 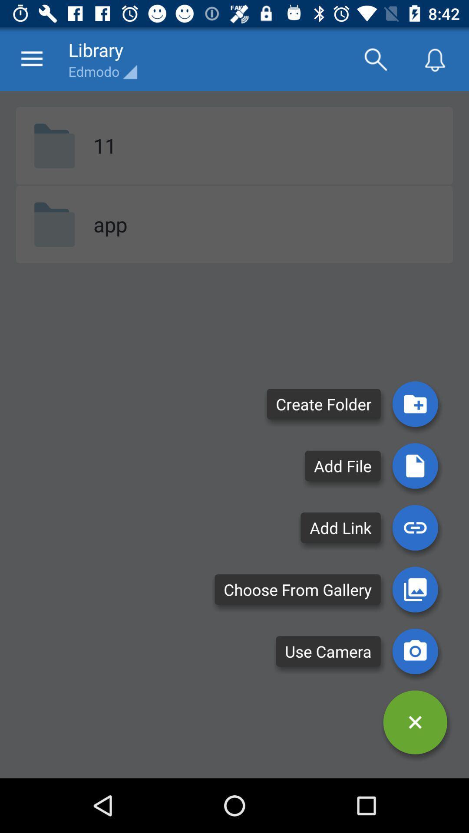 I want to click on link, so click(x=415, y=527).